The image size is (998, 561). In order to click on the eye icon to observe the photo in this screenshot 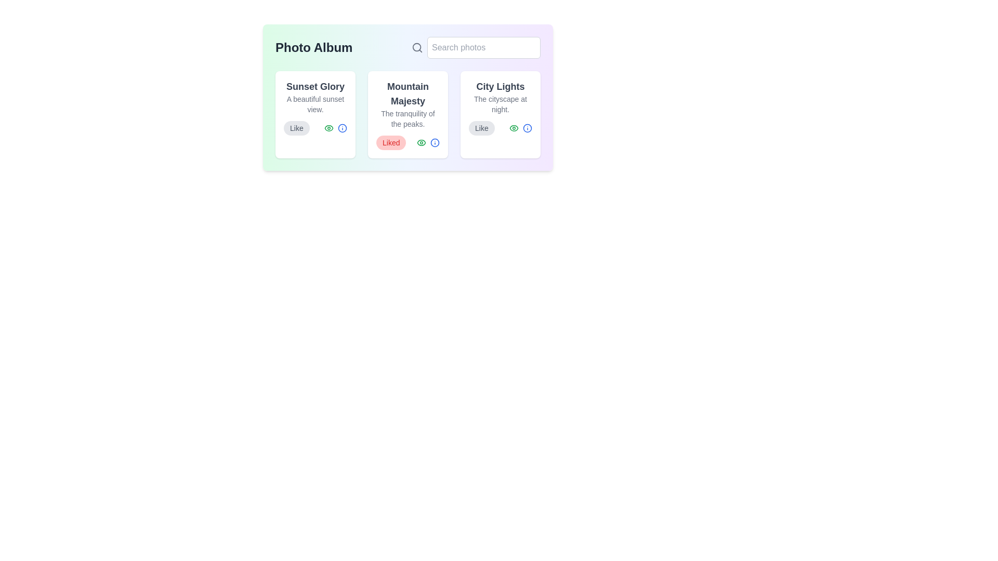, I will do `click(329, 127)`.